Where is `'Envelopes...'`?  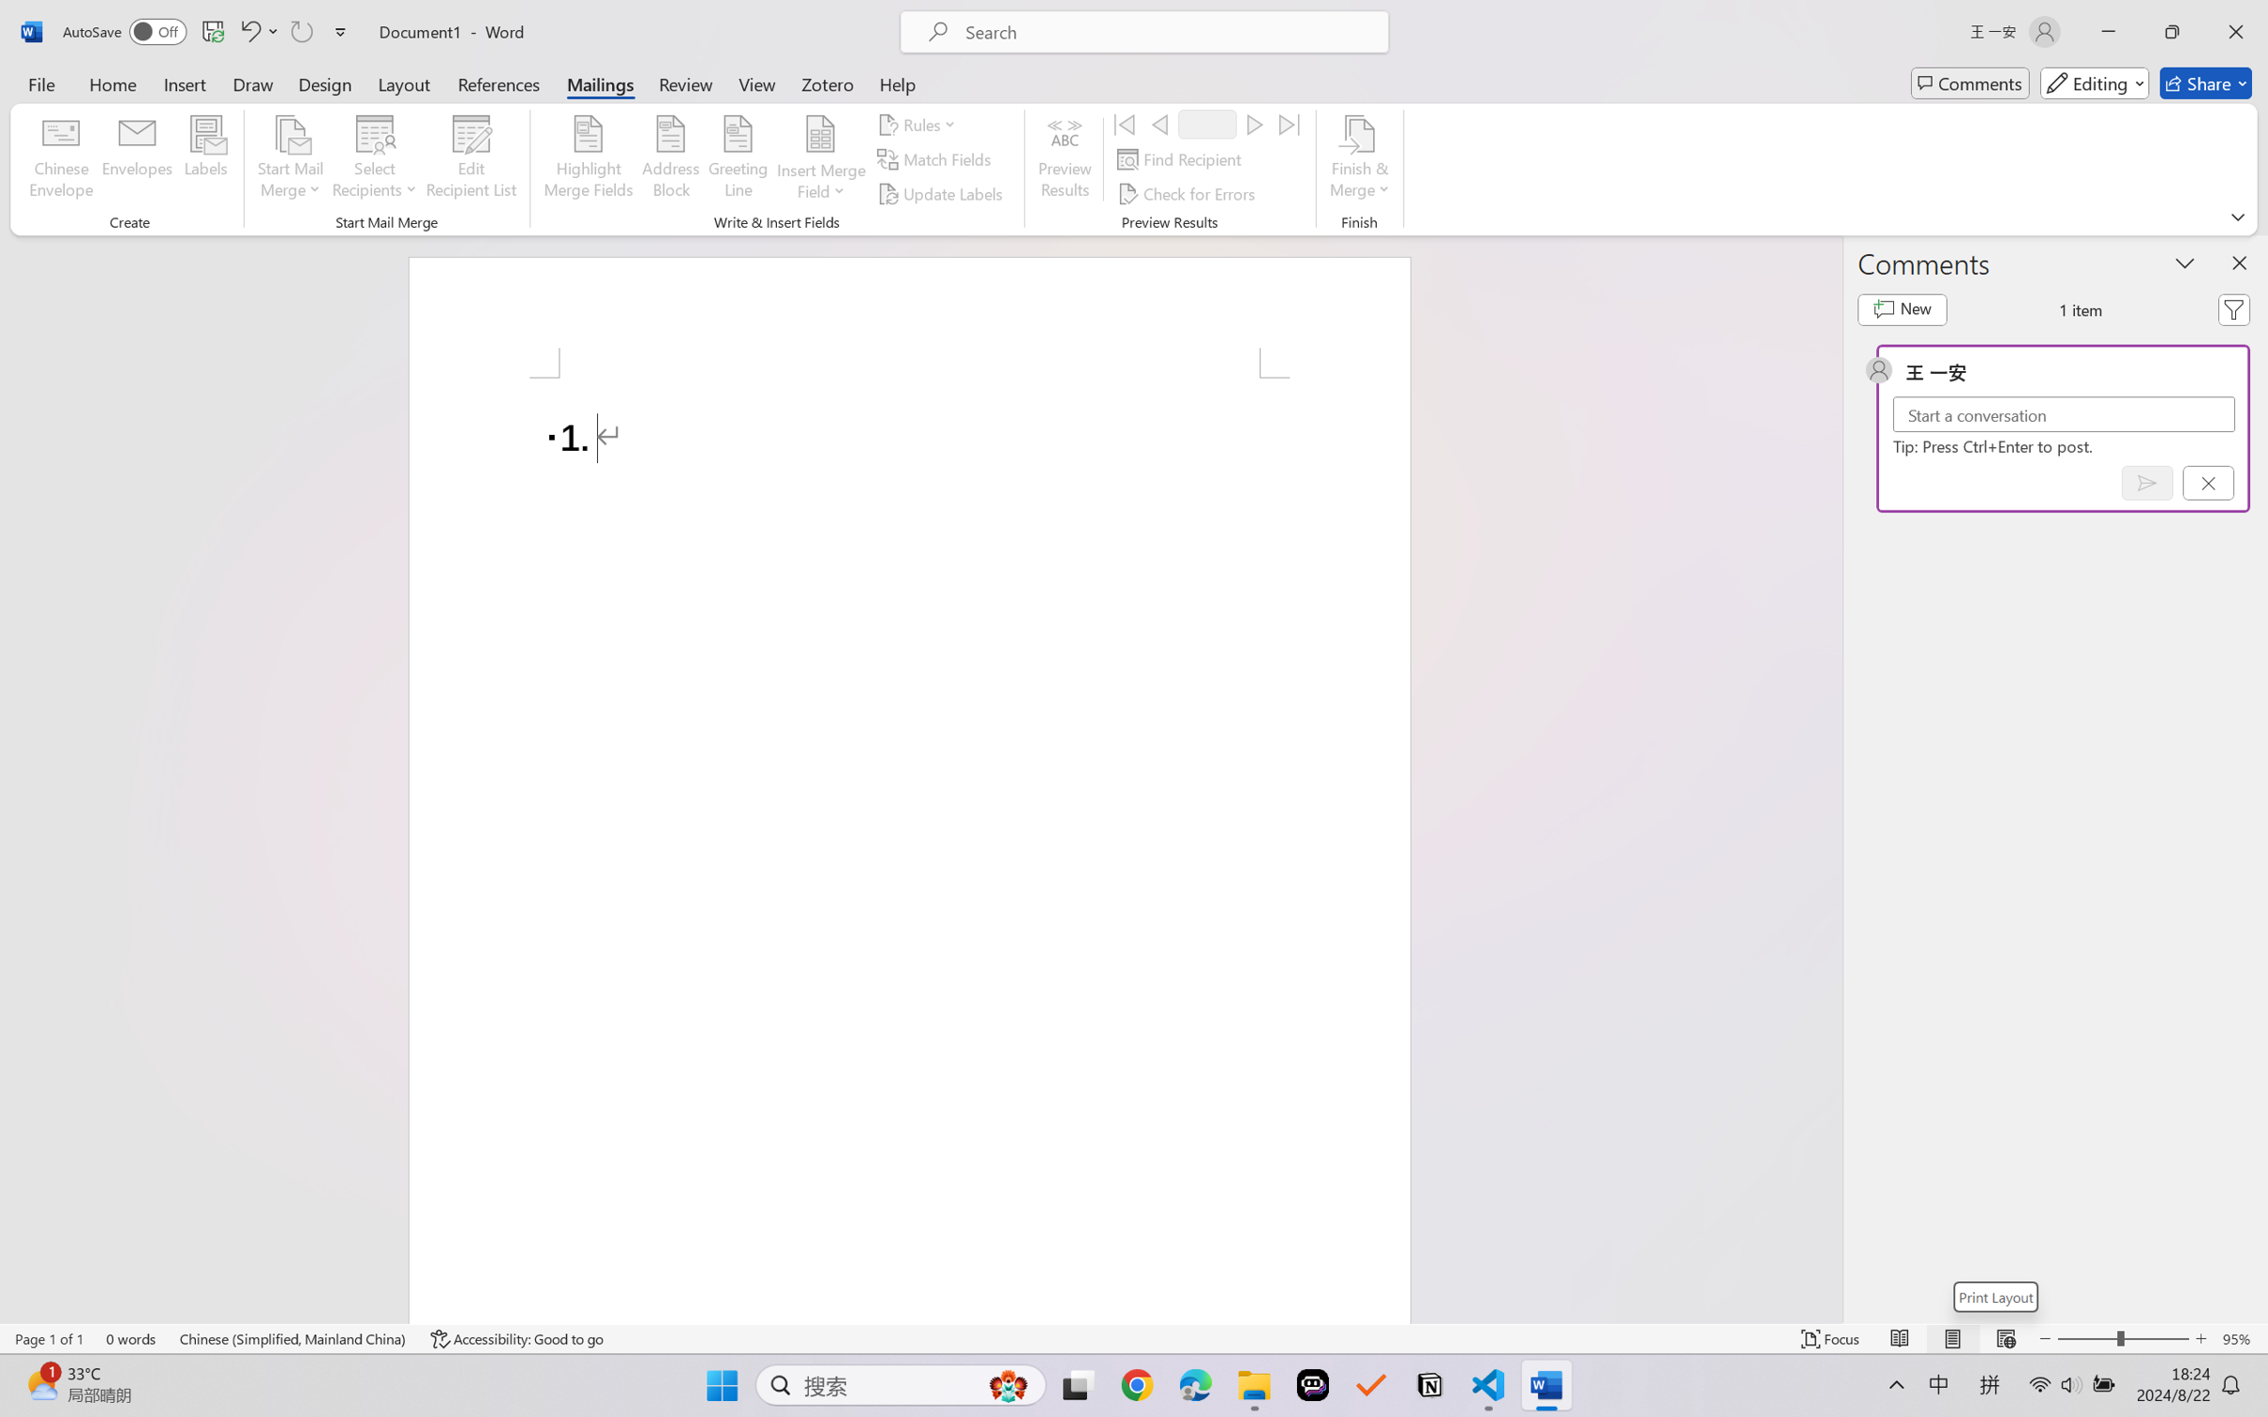
'Envelopes...' is located at coordinates (138, 159).